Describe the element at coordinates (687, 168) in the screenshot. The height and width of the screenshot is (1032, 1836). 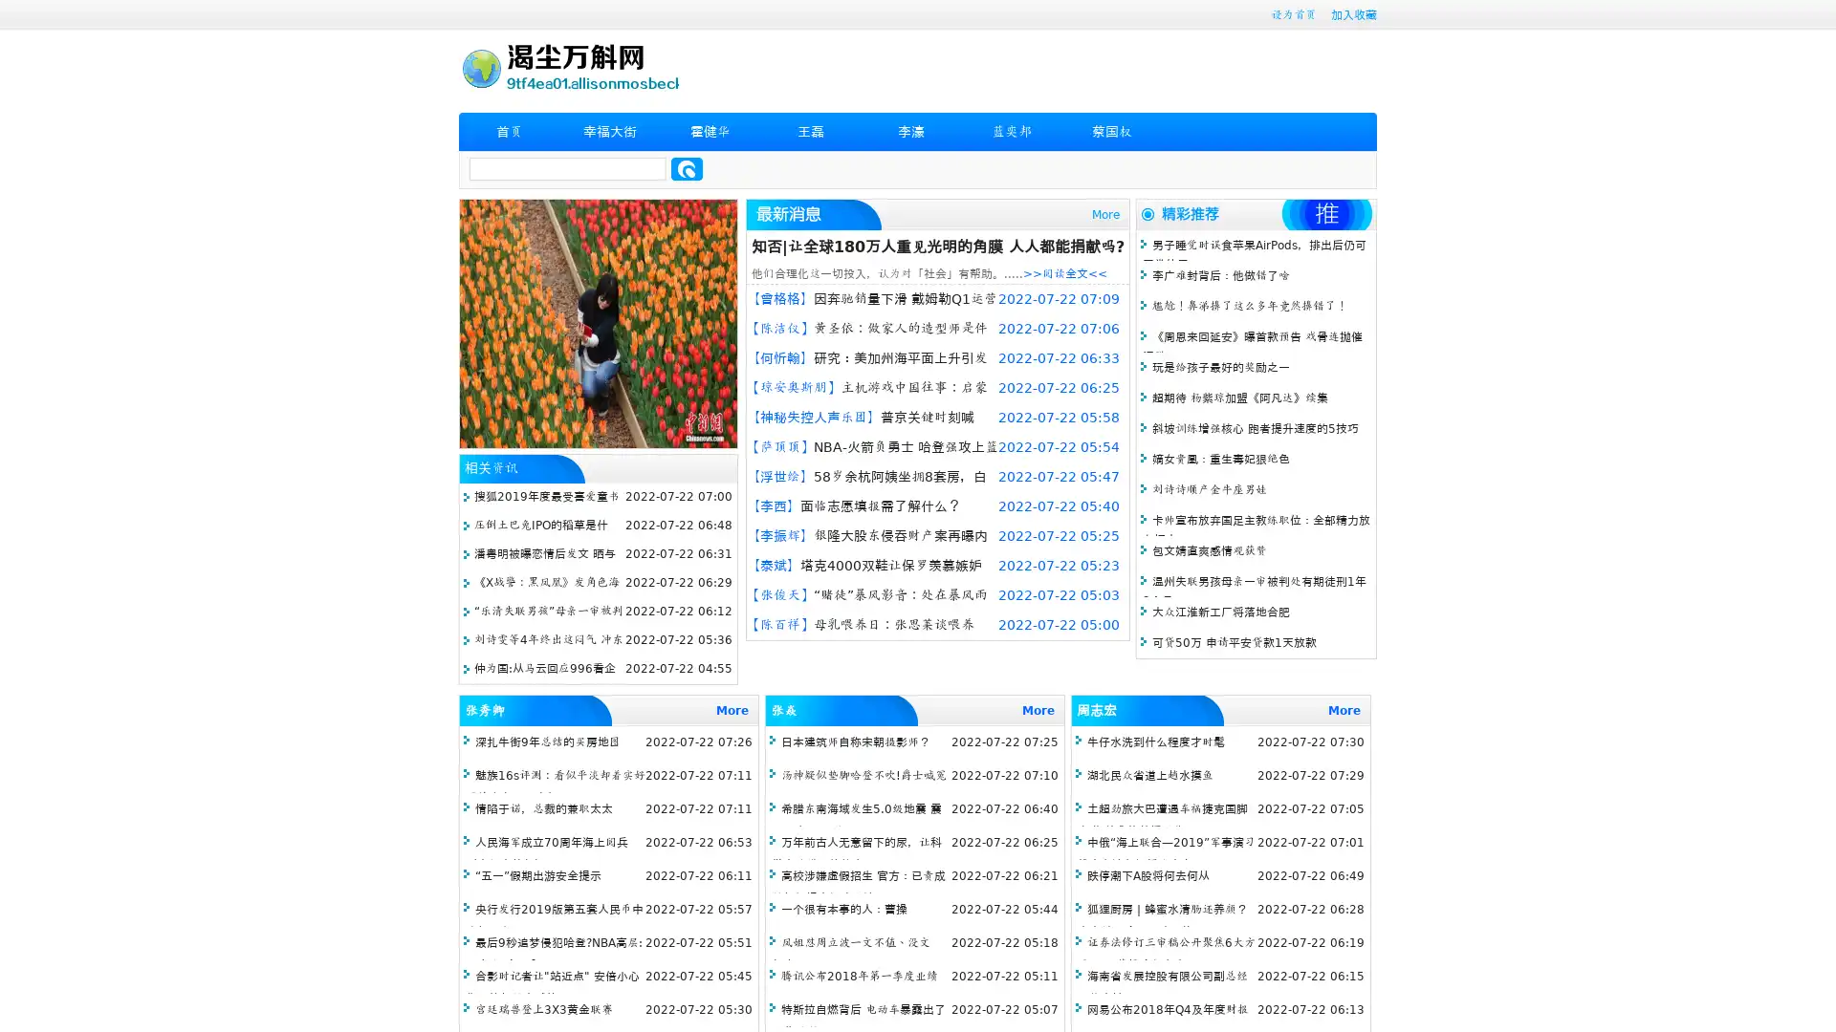
I see `Search` at that location.